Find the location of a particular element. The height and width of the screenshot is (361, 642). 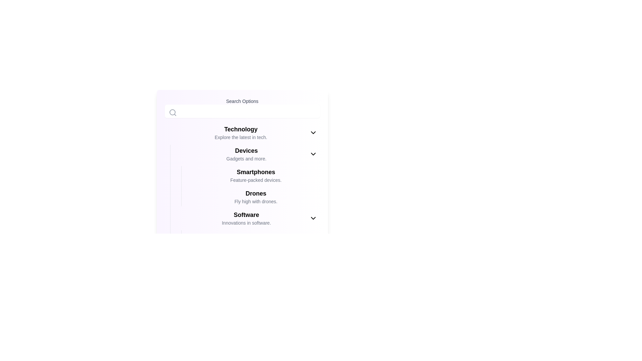

the expansion icon on the right edge of the 'Software Innovations in software.' row is located at coordinates (313, 218).